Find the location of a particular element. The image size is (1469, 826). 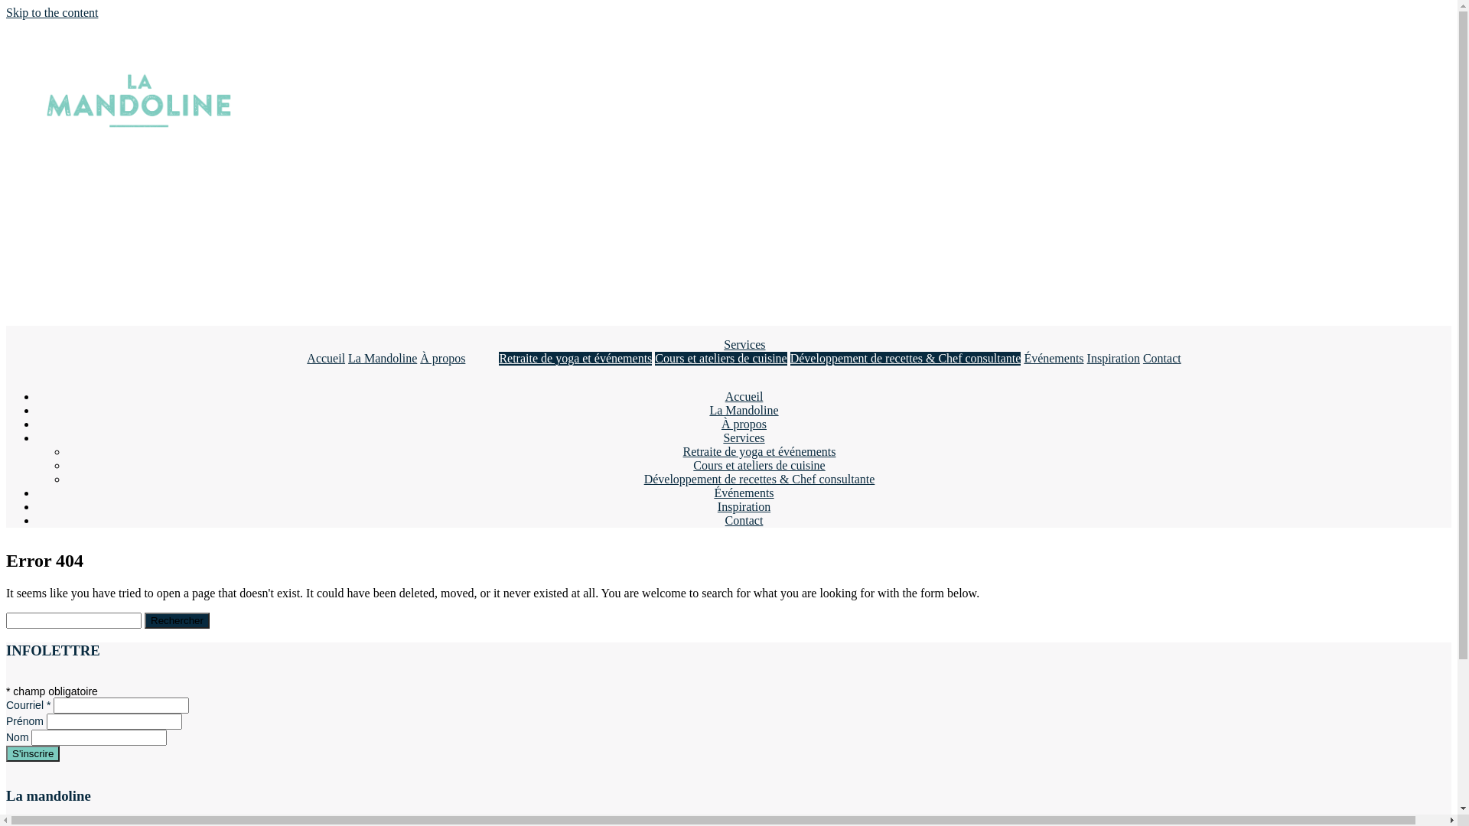

'La Mandoline' is located at coordinates (743, 409).